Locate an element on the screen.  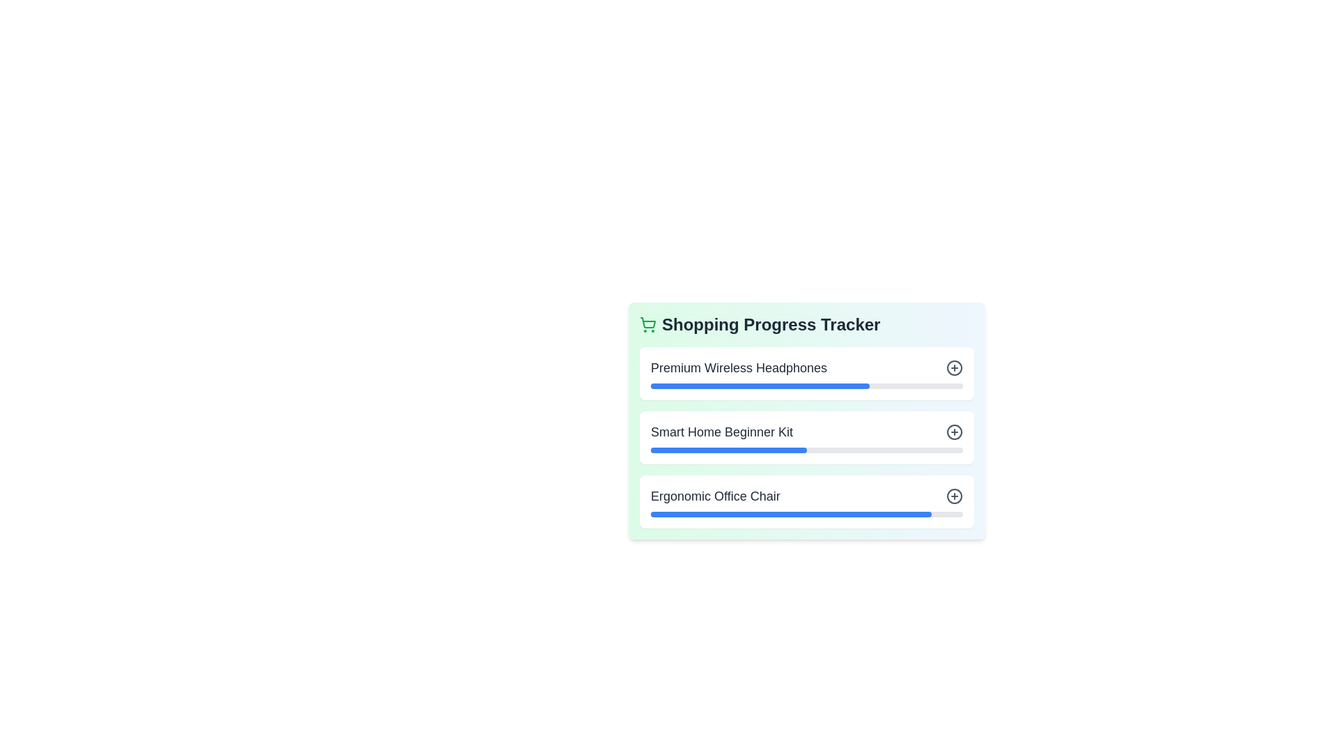
the title of the second item in the Progress Tracker, which is 'Smart Home Beginner Kit' is located at coordinates (806, 437).